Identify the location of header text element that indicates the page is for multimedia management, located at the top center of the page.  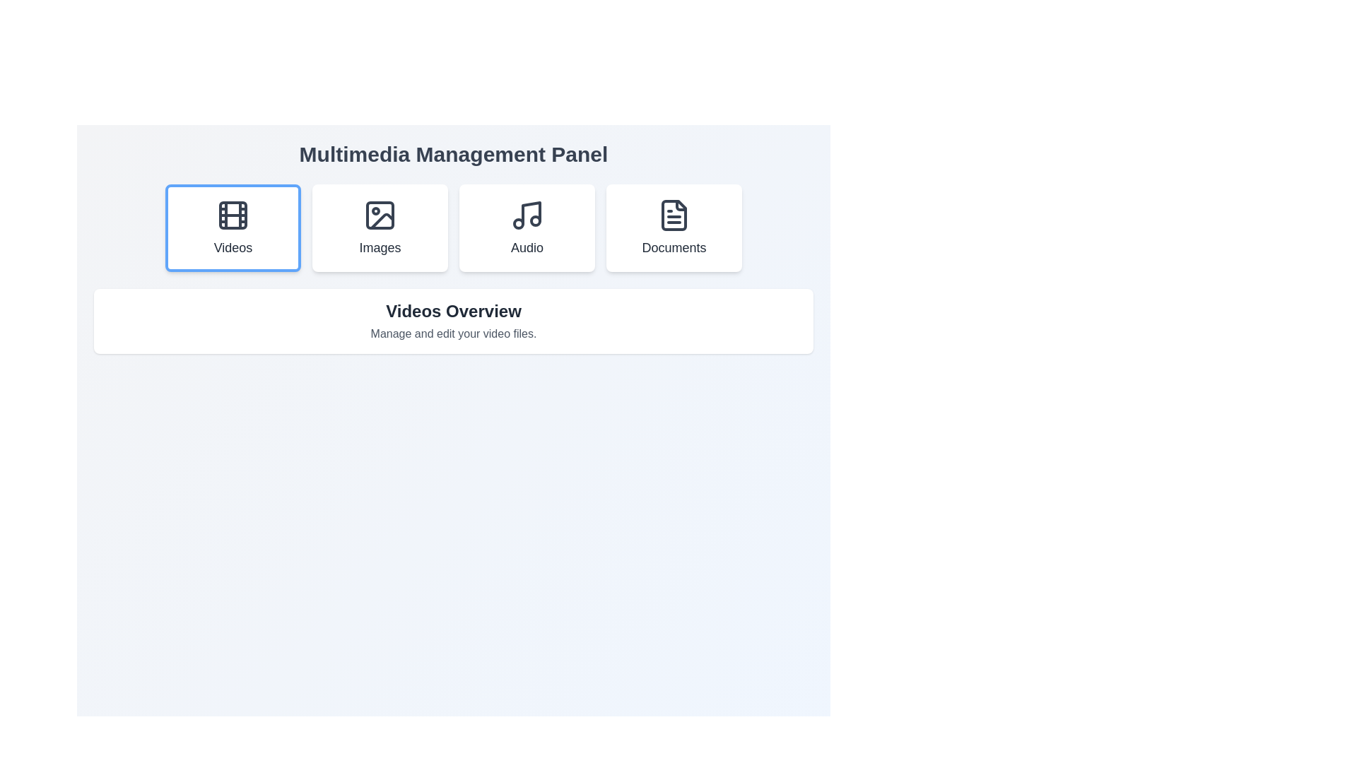
(454, 155).